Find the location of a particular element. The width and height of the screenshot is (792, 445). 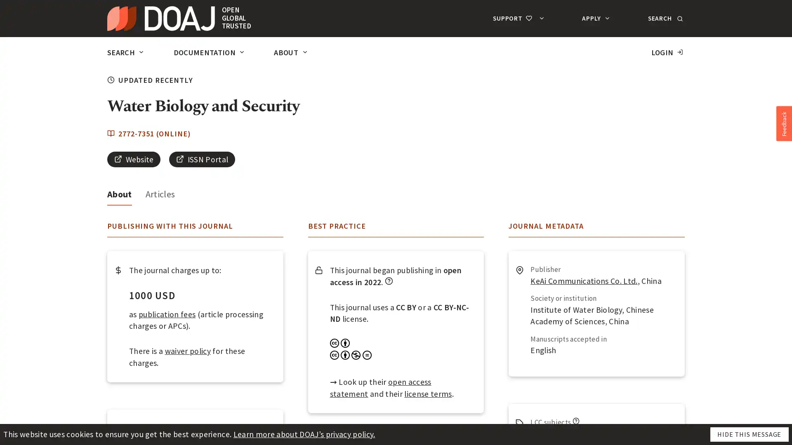

SEARCH is located at coordinates (664, 18).